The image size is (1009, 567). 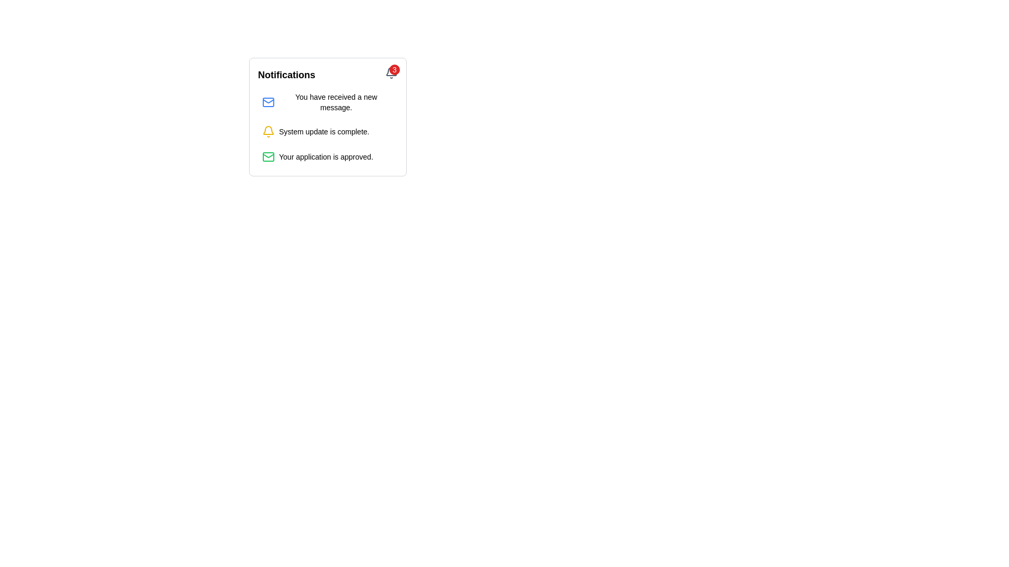 I want to click on the notification entry that indicates 'Your application is approved.' which features a green envelope icon on the left, so click(x=327, y=157).